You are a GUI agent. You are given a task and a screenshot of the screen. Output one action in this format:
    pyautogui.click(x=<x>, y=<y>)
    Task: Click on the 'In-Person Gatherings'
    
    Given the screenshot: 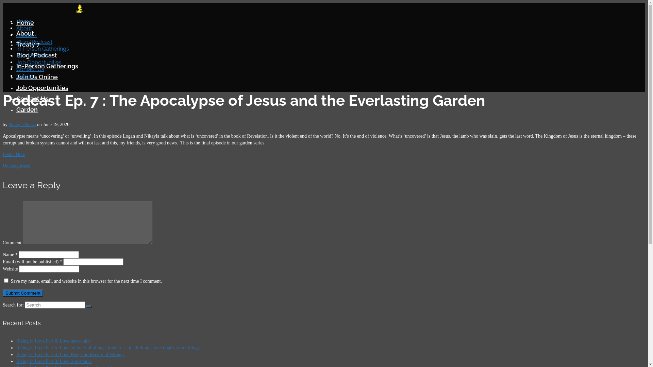 What is the action you would take?
    pyautogui.click(x=42, y=48)
    